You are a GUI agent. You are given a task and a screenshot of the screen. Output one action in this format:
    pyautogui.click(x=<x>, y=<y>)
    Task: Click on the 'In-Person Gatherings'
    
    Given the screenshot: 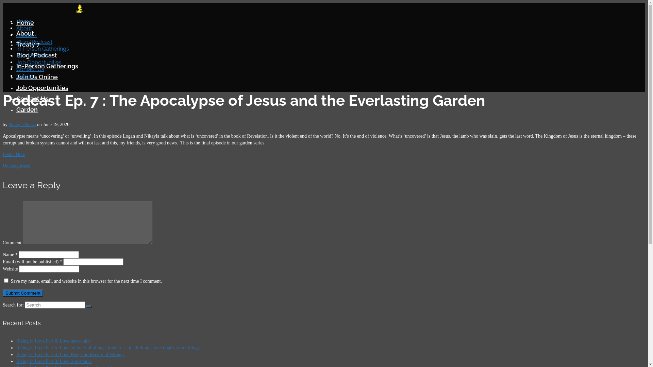 What is the action you would take?
    pyautogui.click(x=42, y=48)
    